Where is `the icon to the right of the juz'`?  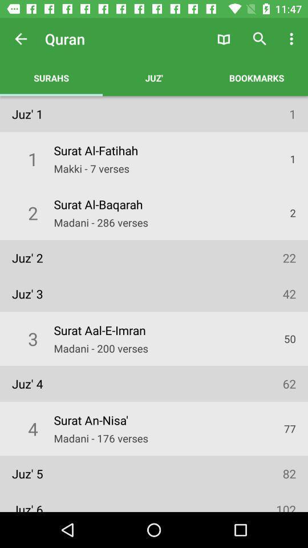 the icon to the right of the juz' is located at coordinates (224, 39).